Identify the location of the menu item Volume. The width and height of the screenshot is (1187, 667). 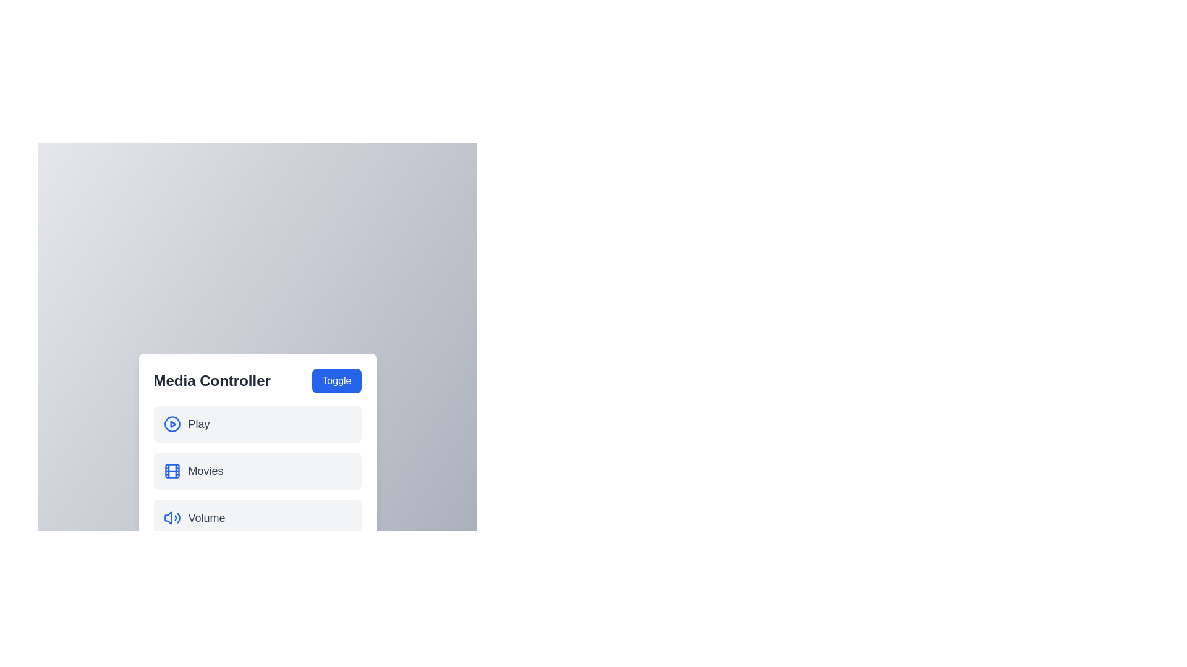
(257, 518).